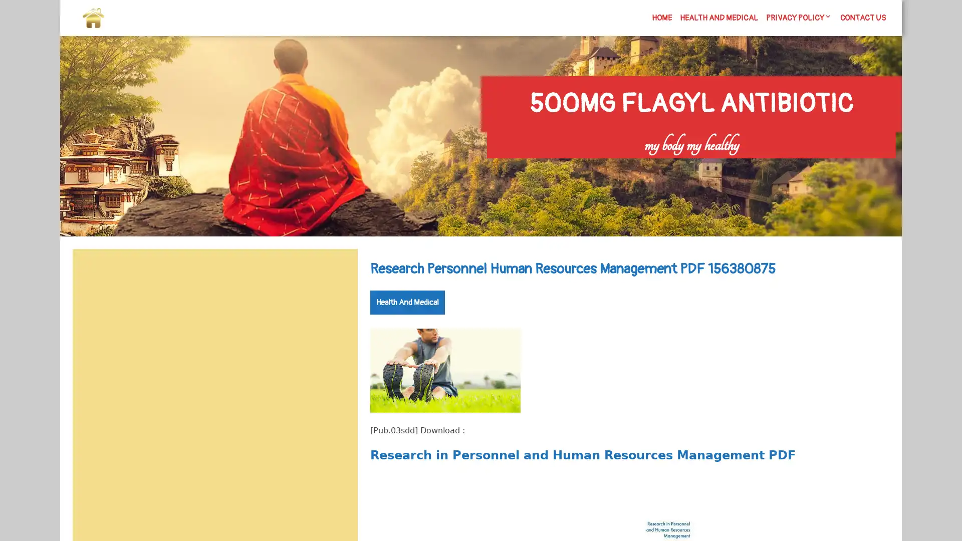 This screenshot has height=541, width=962. I want to click on Search, so click(334, 273).